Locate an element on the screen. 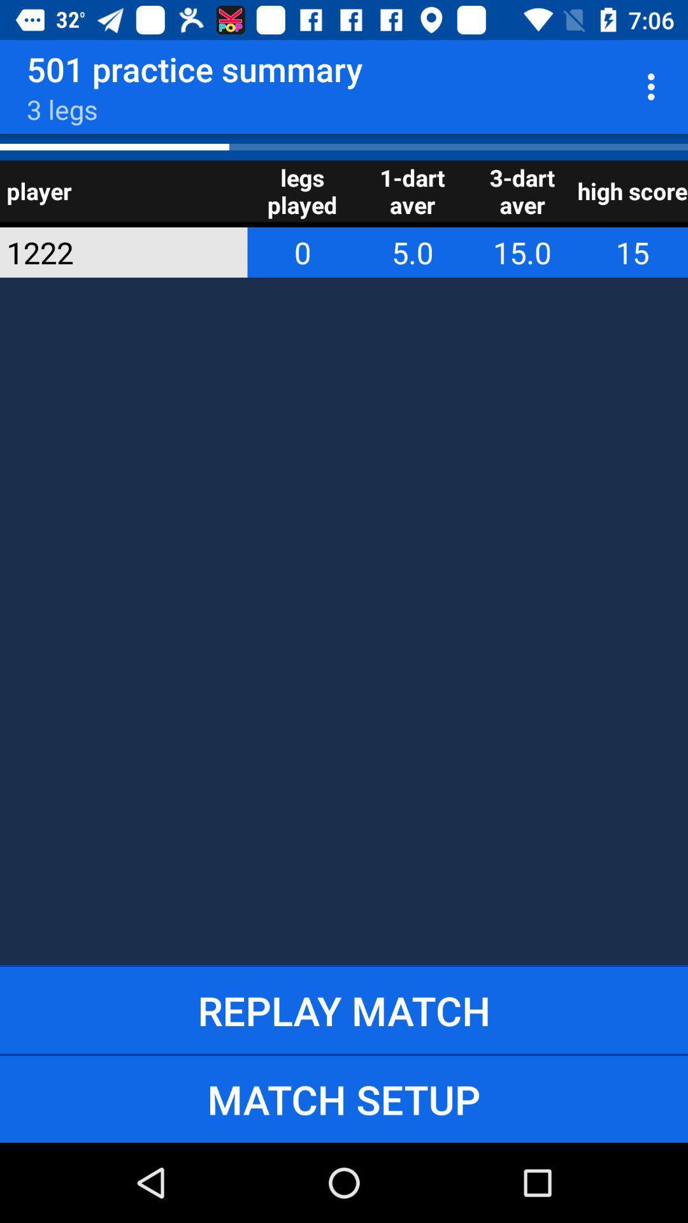 The width and height of the screenshot is (688, 1223). match setup button is located at coordinates (344, 1098).